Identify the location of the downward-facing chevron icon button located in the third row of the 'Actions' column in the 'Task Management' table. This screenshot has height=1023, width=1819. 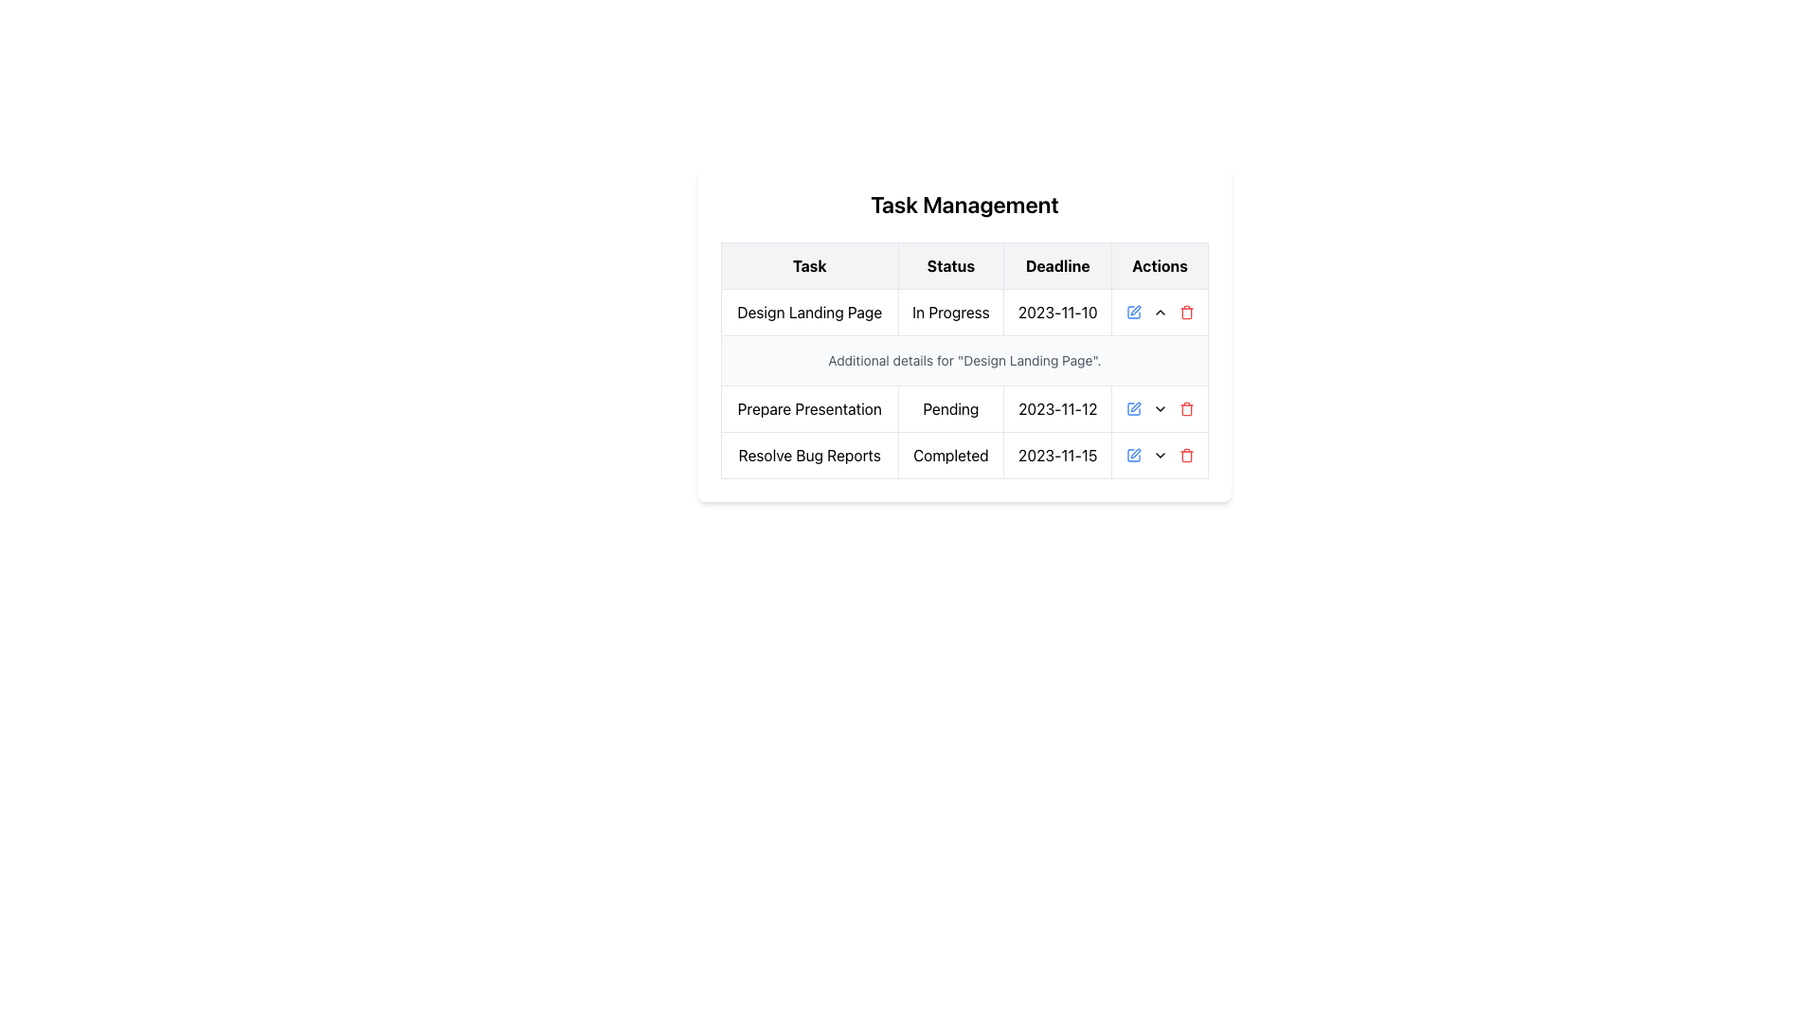
(1159, 408).